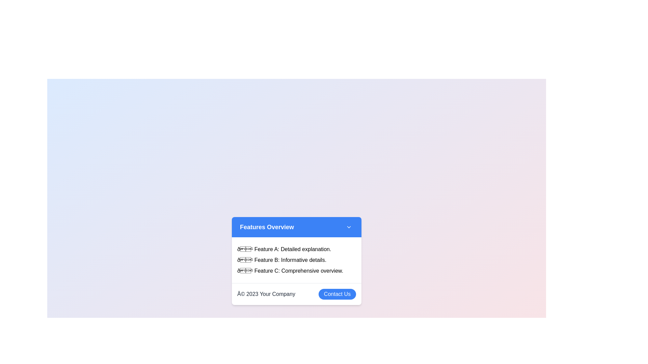  What do you see at coordinates (337, 294) in the screenshot?
I see `the 'Contact Us' button located in the bottom right corner of the footer section` at bounding box center [337, 294].